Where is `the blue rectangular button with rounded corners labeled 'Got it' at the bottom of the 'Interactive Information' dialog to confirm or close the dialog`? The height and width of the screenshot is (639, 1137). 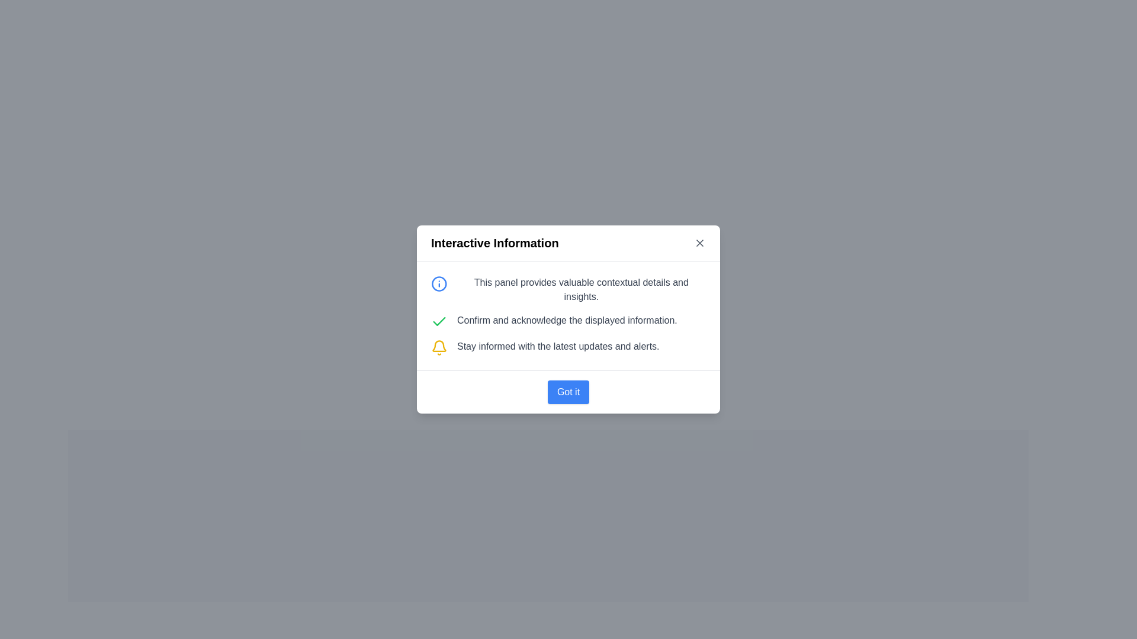
the blue rectangular button with rounded corners labeled 'Got it' at the bottom of the 'Interactive Information' dialog to confirm or close the dialog is located at coordinates (568, 392).